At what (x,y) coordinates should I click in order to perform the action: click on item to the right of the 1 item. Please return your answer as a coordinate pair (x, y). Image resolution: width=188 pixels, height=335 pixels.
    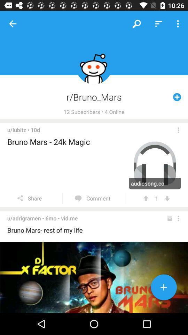
    Looking at the image, I should click on (167, 198).